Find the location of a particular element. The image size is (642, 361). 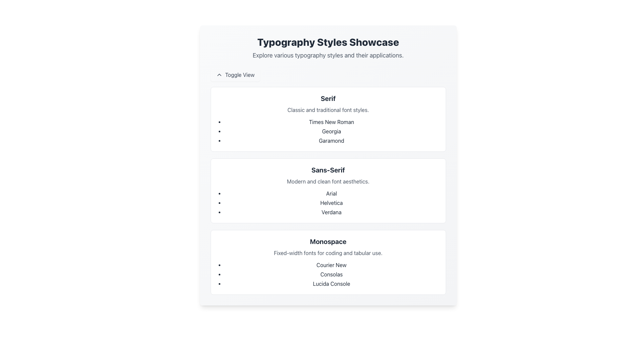

the Text block that provides a brief description below the header 'Typography Styles Showcase' is located at coordinates (328, 55).